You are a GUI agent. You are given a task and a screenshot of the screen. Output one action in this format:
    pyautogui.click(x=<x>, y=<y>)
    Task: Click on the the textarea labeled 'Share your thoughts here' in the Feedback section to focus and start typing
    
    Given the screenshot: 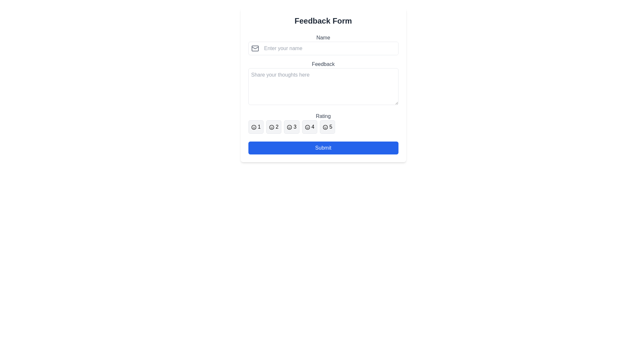 What is the action you would take?
    pyautogui.click(x=323, y=86)
    